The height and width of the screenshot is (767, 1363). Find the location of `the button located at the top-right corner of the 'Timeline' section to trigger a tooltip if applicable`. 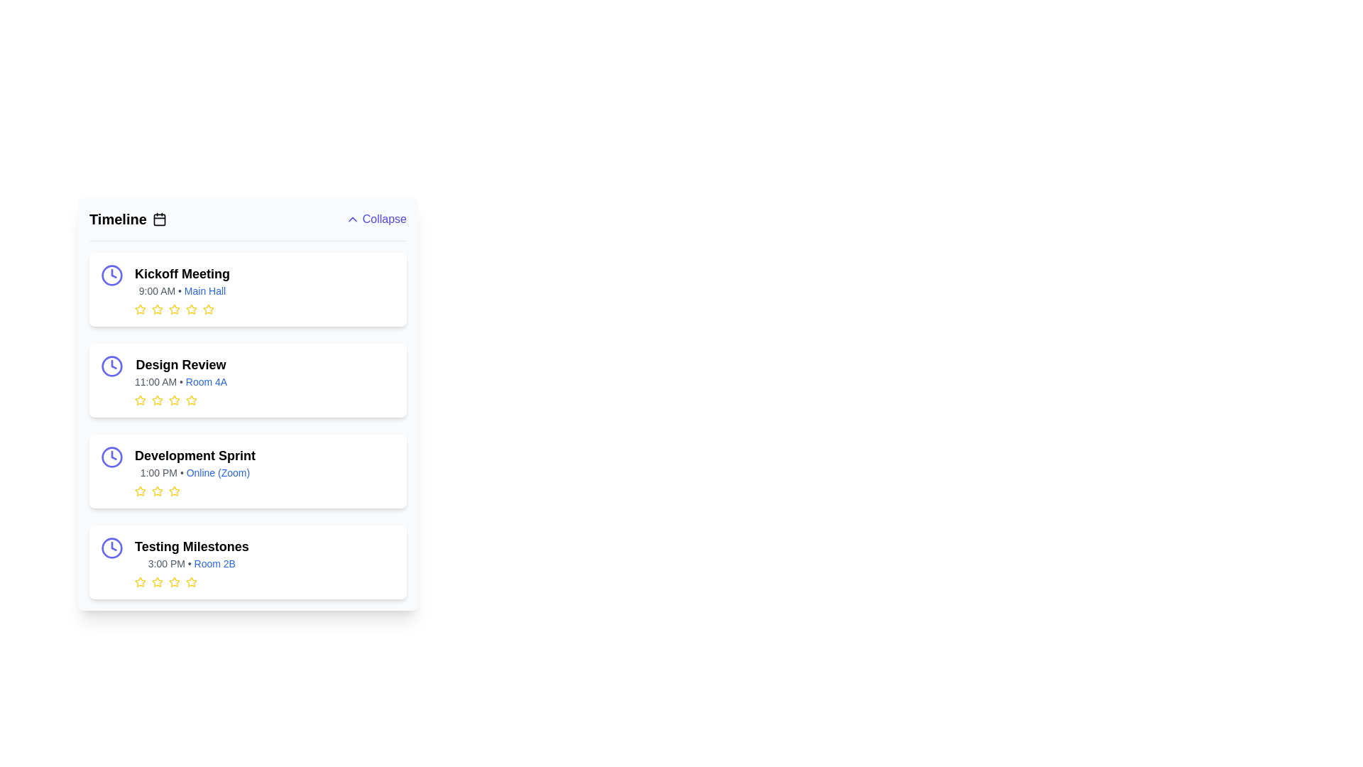

the button located at the top-right corner of the 'Timeline' section to trigger a tooltip if applicable is located at coordinates (376, 219).